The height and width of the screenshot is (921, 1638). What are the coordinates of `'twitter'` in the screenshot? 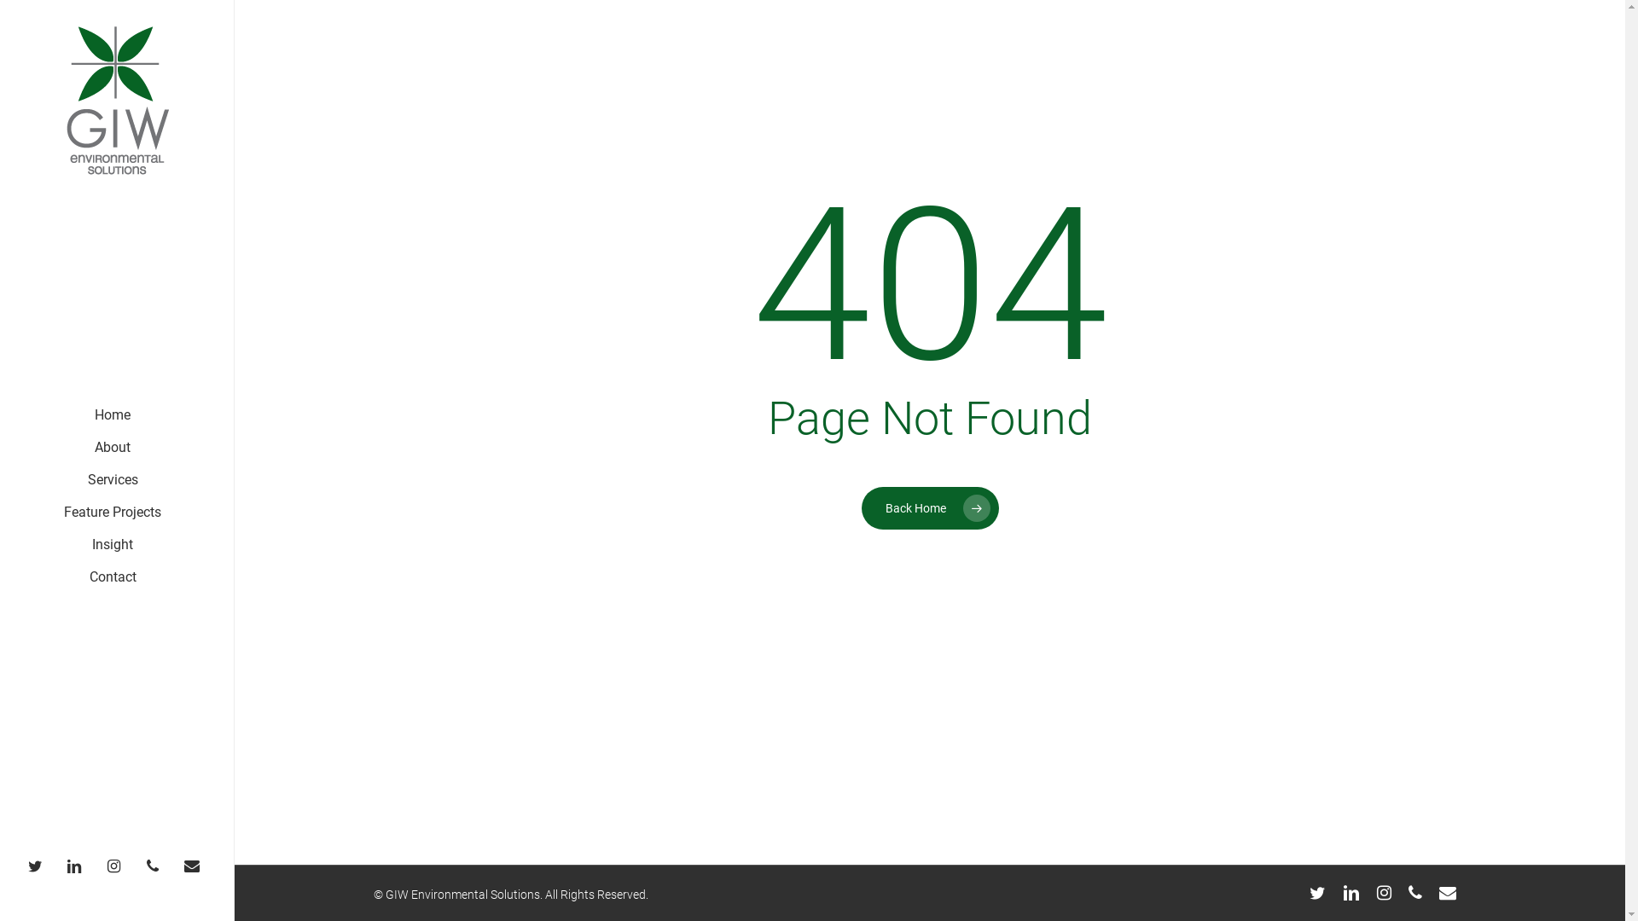 It's located at (1316, 891).